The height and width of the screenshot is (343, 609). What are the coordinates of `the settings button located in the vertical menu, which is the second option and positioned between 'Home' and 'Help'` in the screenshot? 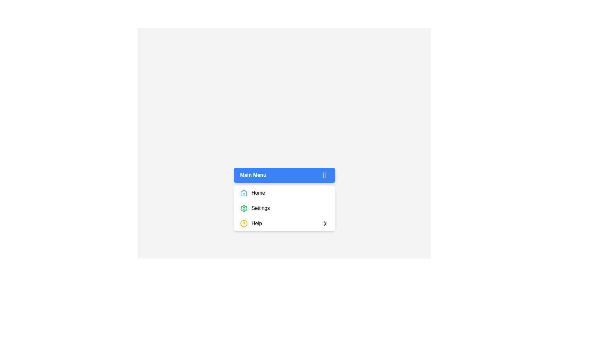 It's located at (284, 208).